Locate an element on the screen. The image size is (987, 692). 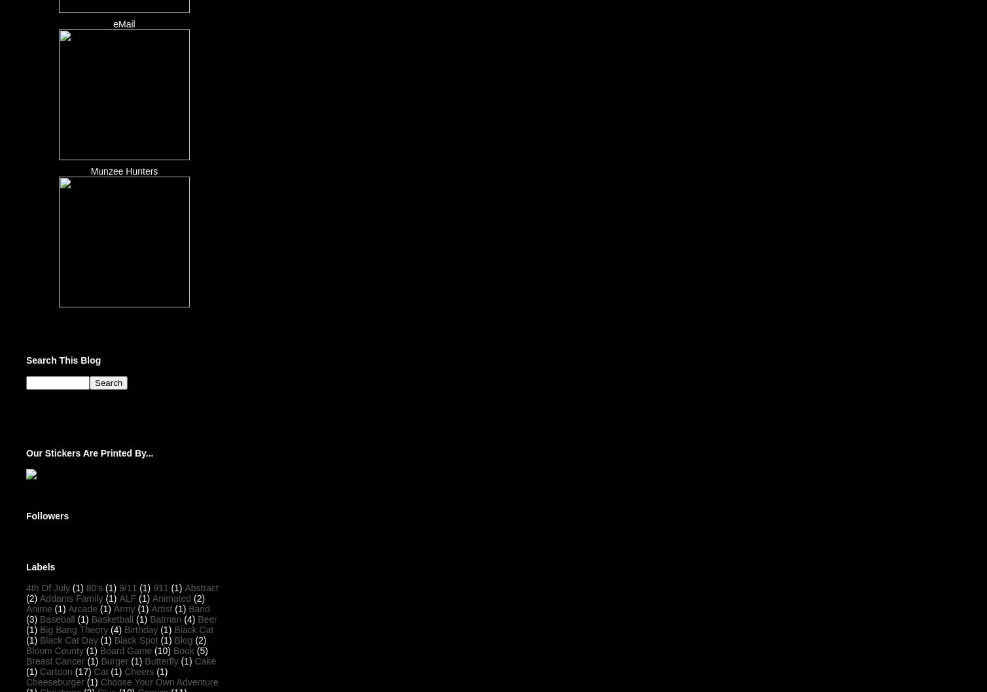
'Our Stickers Are Printed By...' is located at coordinates (26, 452).